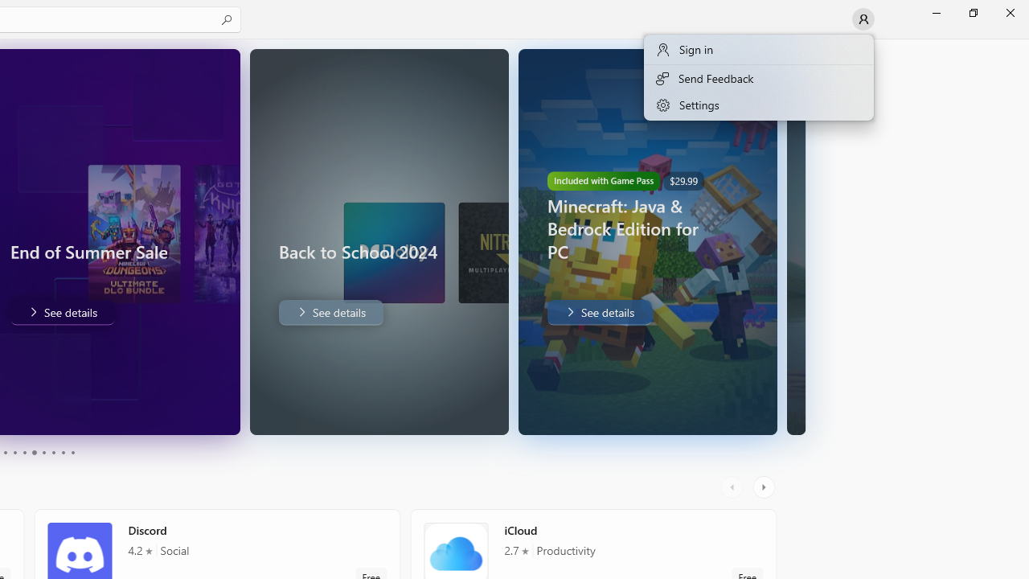  Describe the element at coordinates (72, 453) in the screenshot. I see `'Page 10'` at that location.